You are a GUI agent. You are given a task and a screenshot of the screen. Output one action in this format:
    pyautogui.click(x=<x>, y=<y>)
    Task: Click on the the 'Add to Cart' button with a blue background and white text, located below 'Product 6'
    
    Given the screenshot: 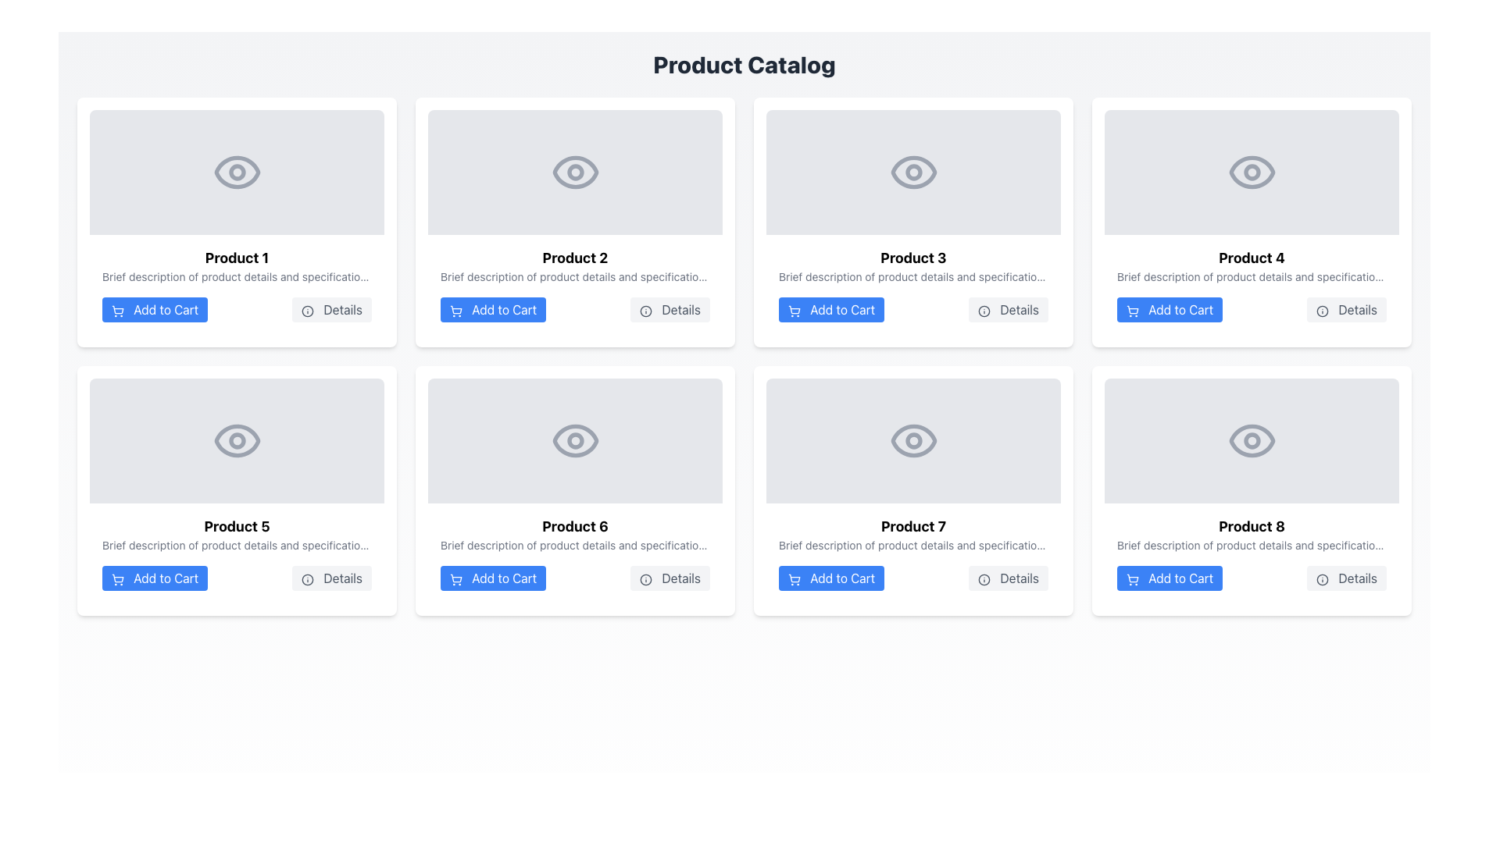 What is the action you would take?
    pyautogui.click(x=492, y=578)
    